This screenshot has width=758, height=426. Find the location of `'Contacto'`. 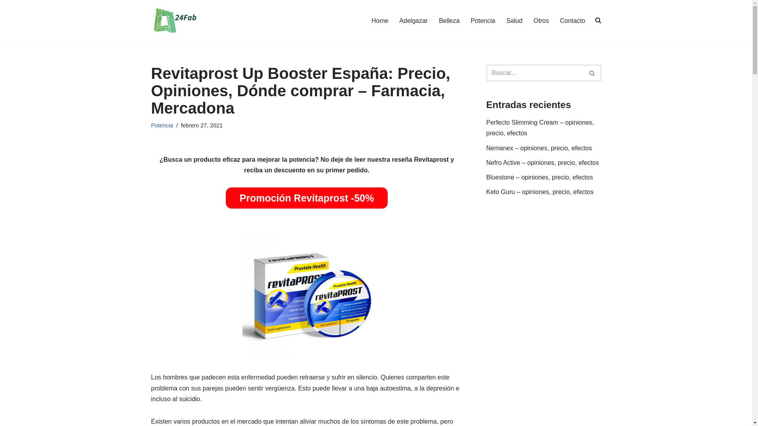

'Contacto' is located at coordinates (572, 20).